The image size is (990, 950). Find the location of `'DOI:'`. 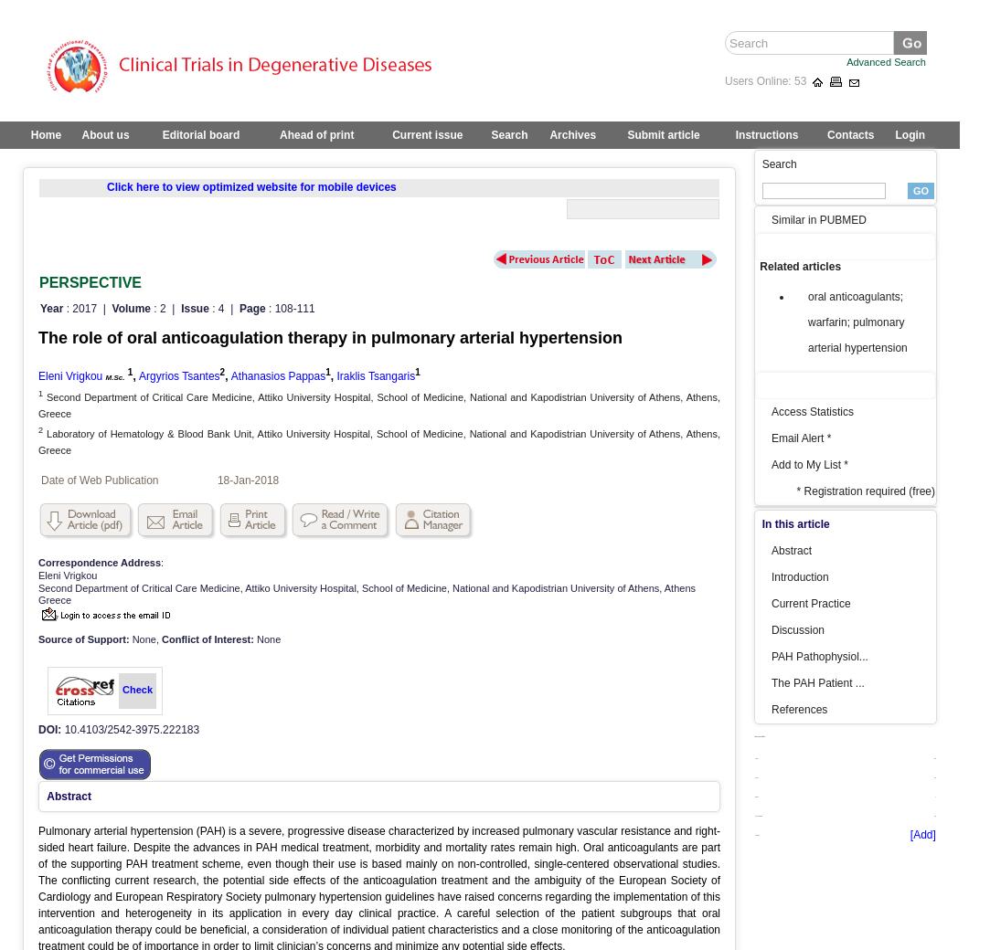

'DOI:' is located at coordinates (49, 727).